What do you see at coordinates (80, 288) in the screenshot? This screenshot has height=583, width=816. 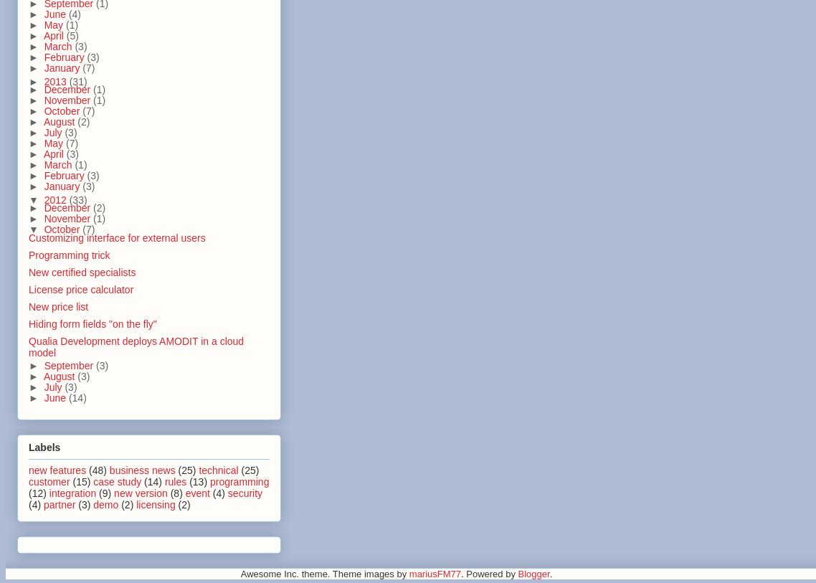 I see `'License price calculator'` at bounding box center [80, 288].